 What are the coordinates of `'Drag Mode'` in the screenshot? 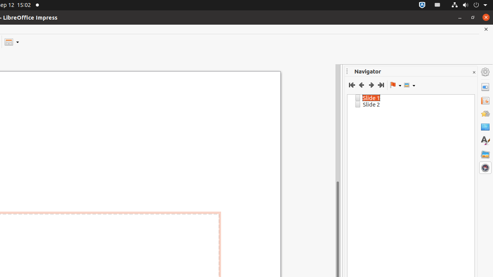 It's located at (395, 85).